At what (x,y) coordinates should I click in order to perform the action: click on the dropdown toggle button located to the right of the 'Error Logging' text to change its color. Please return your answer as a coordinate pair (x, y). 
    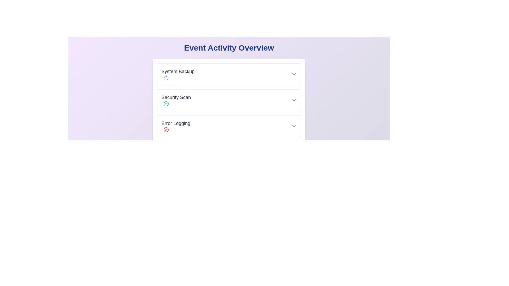
    Looking at the image, I should click on (293, 126).